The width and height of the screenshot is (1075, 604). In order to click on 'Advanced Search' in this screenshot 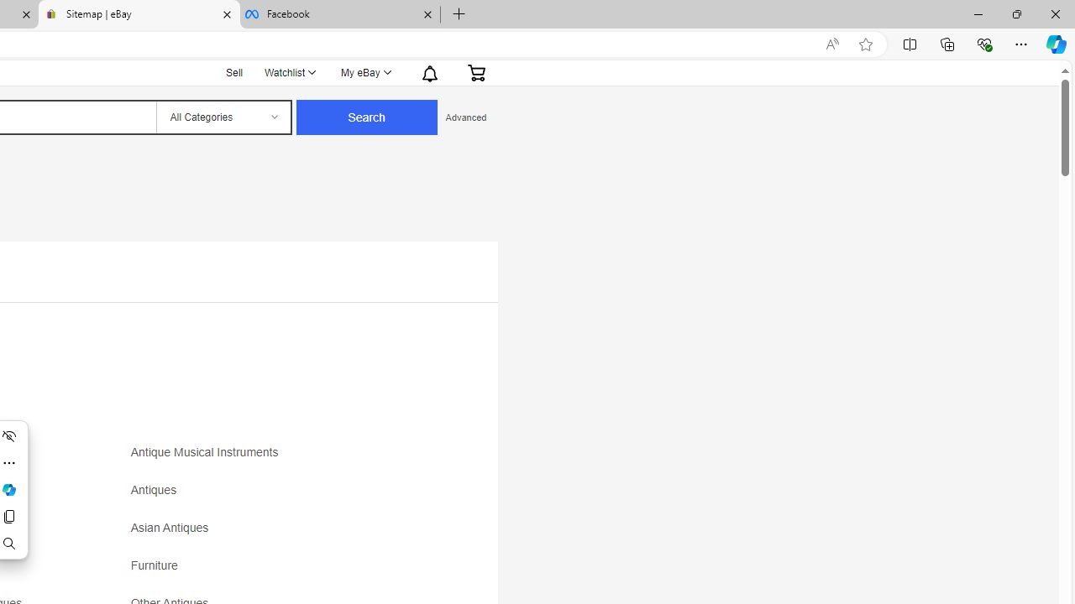, I will do `click(465, 117)`.